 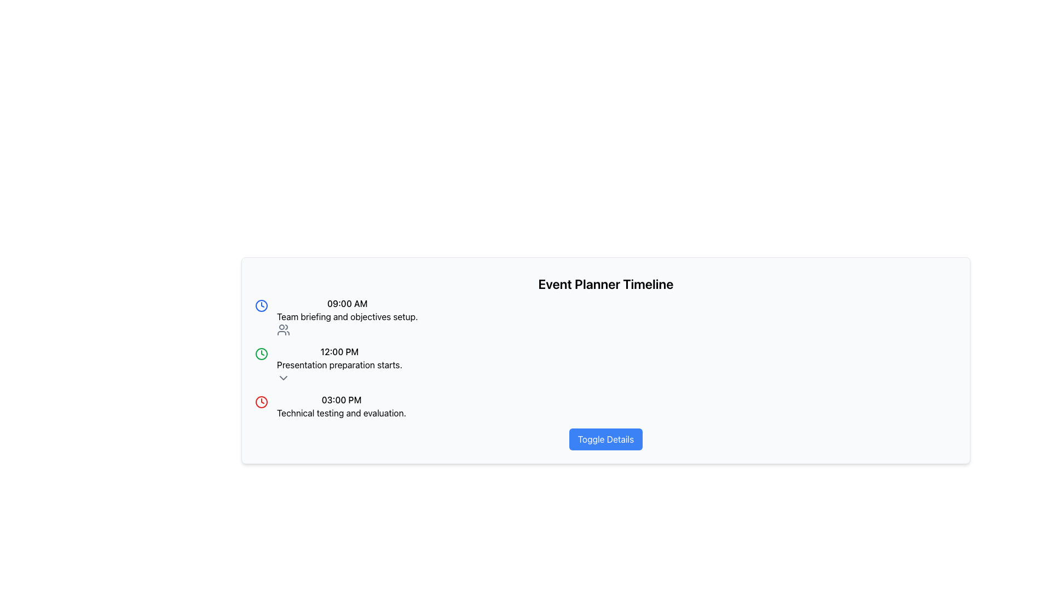 What do you see at coordinates (341, 400) in the screenshot?
I see `the static textual label displaying the starting time '03:00 PM' for the event 'Technical testing and evaluation' located in the lower section of the timeline layout, specifically the third entry` at bounding box center [341, 400].